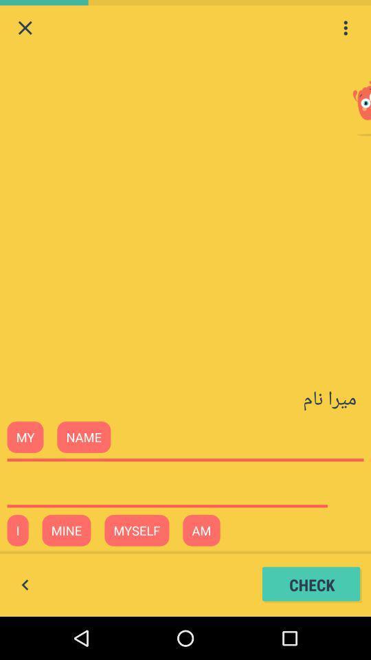 This screenshot has width=371, height=660. What do you see at coordinates (201, 530) in the screenshot?
I see `the text am` at bounding box center [201, 530].